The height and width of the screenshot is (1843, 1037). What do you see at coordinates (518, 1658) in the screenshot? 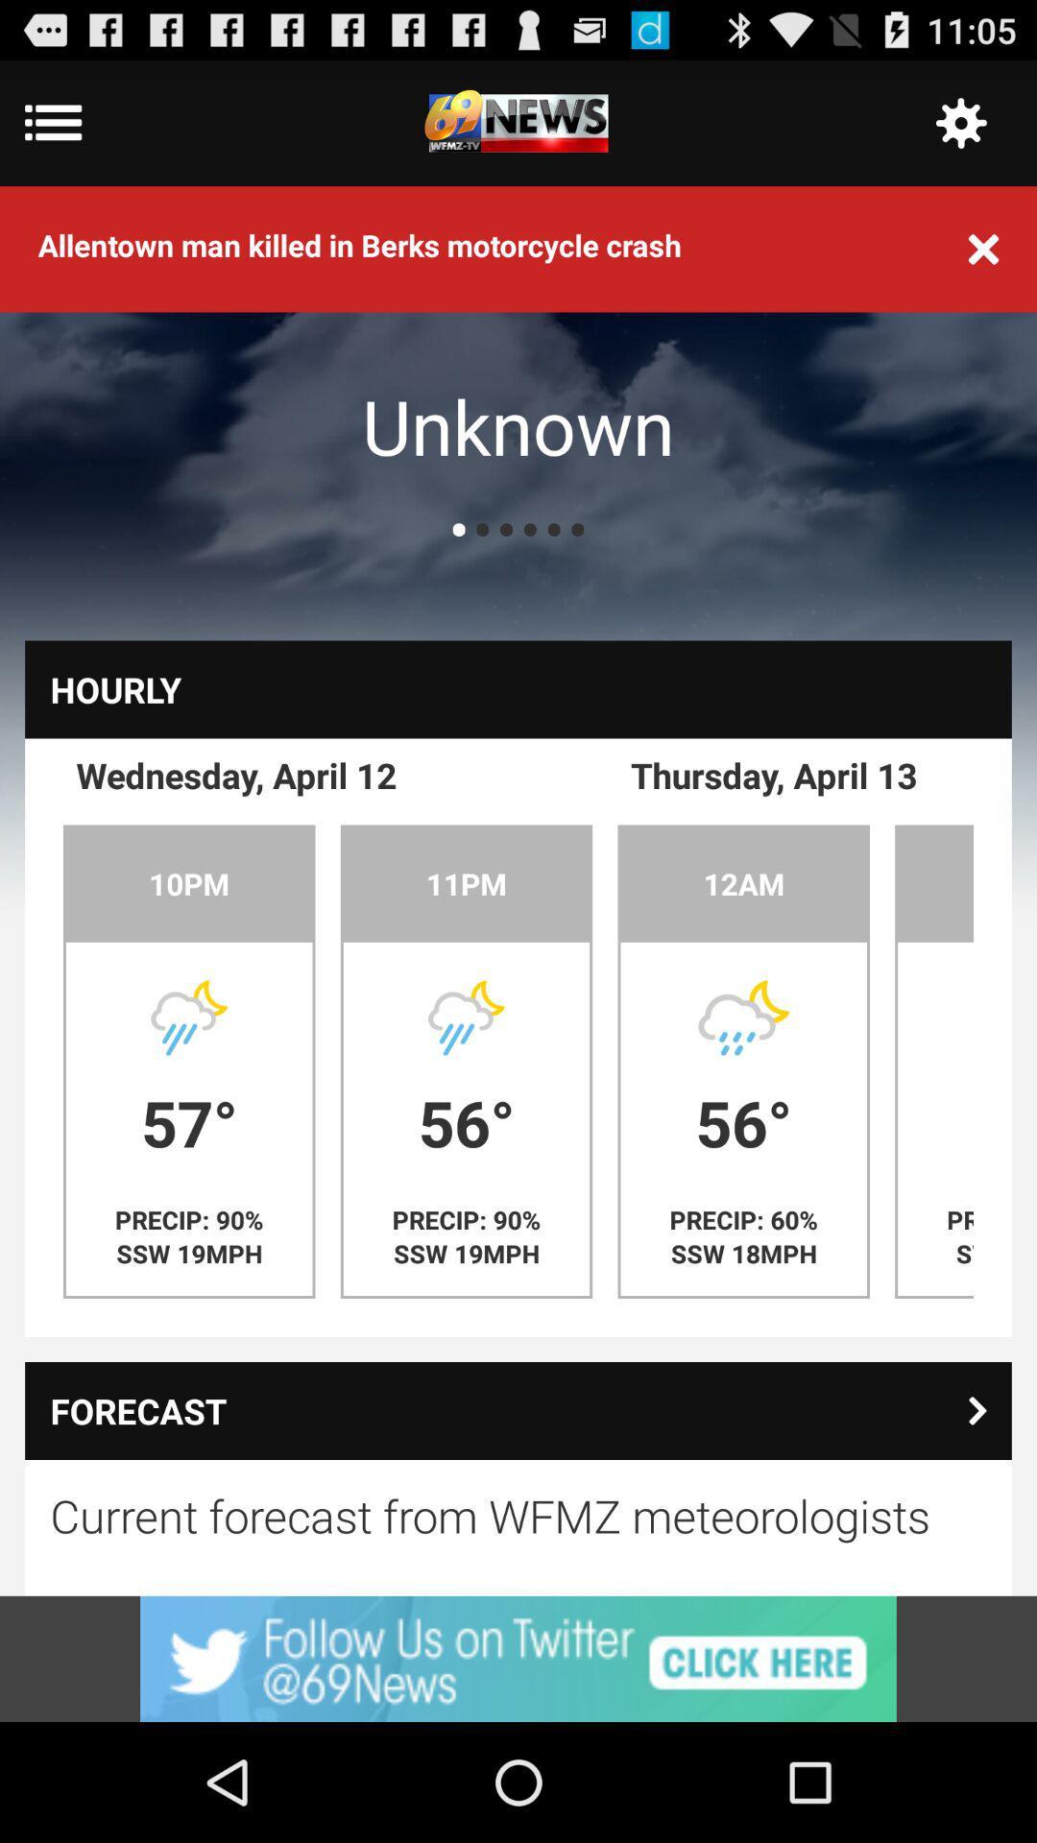
I see `advertisement` at bounding box center [518, 1658].